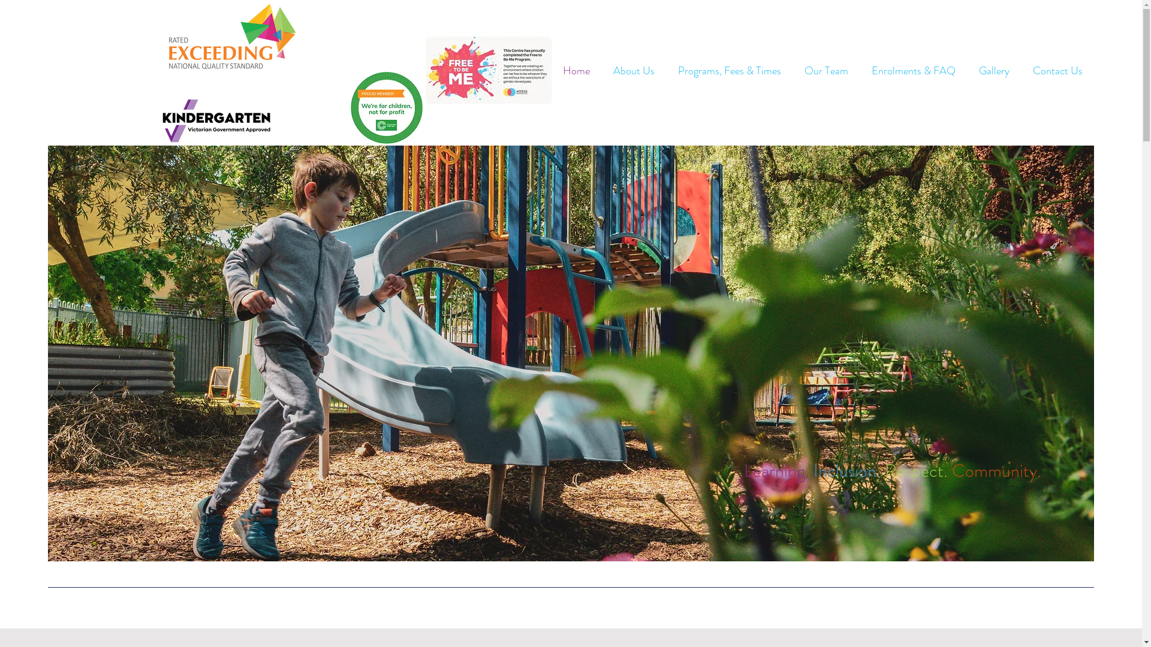 The image size is (1151, 647). What do you see at coordinates (911, 71) in the screenshot?
I see `'Enrolments & FAQ'` at bounding box center [911, 71].